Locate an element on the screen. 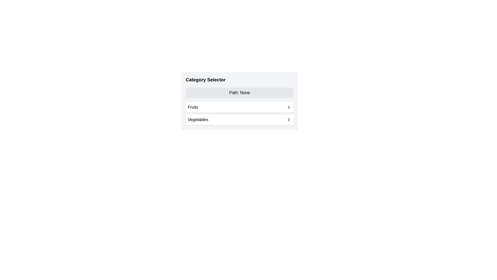 The width and height of the screenshot is (497, 280). the 'Fruits' text label in the category selector menu is located at coordinates (193, 107).